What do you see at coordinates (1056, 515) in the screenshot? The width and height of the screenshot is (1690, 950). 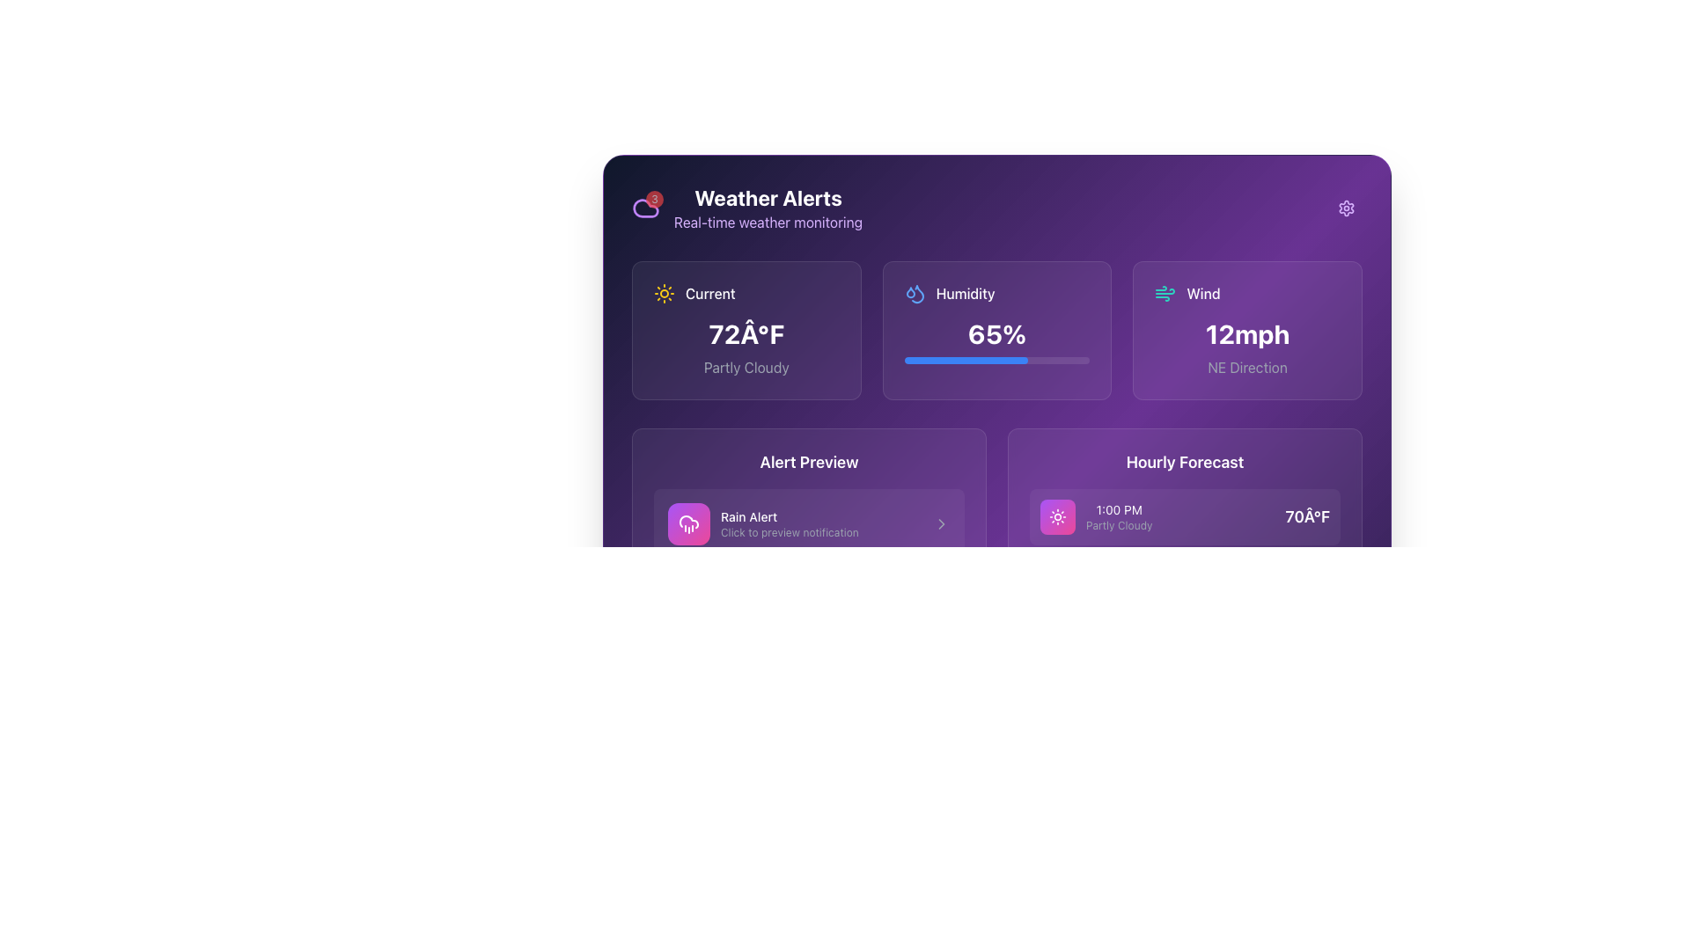 I see `the square gradient-colored icon with a sun illustration located next to the '1:00 PM Partly Cloudy' text in the 'Hourly Forecast' section` at bounding box center [1056, 515].